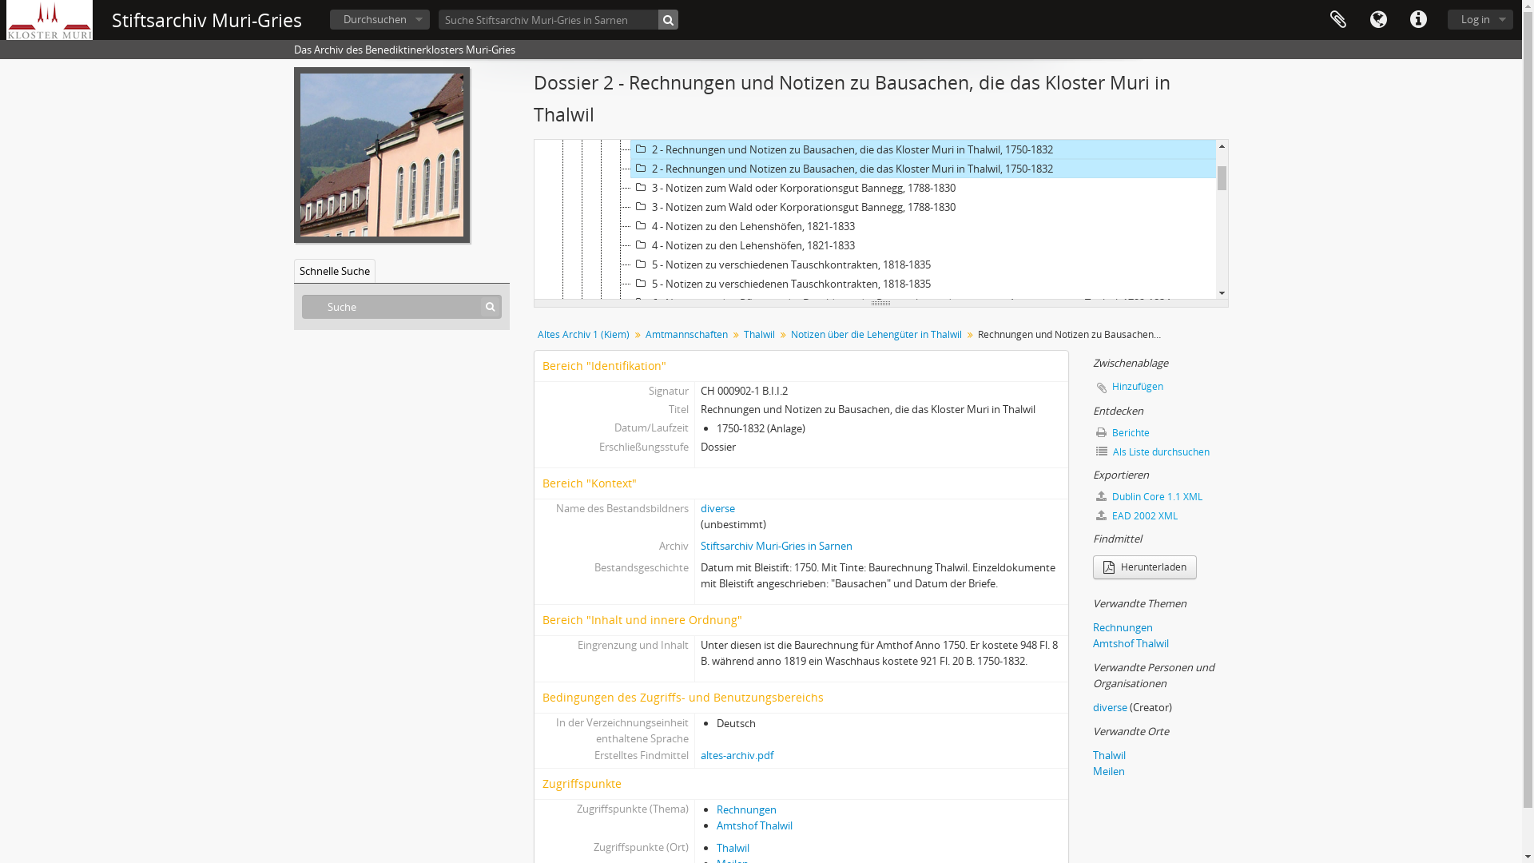 Image resolution: width=1534 pixels, height=863 pixels. Describe the element at coordinates (1377, 19) in the screenshot. I see `'Sprache'` at that location.